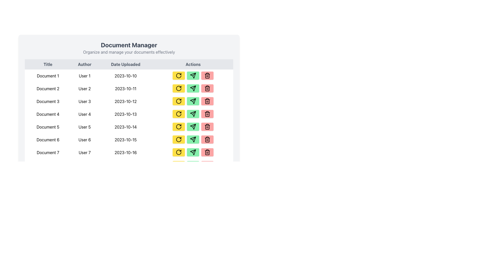  What do you see at coordinates (179, 140) in the screenshot?
I see `the refresh button in the action buttons column for the 'Document 6' row` at bounding box center [179, 140].